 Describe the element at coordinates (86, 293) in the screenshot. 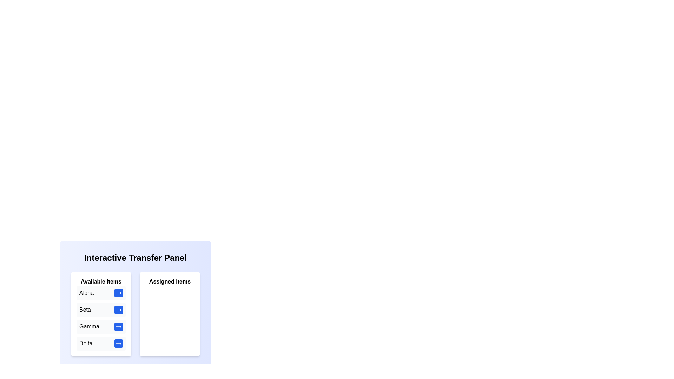

I see `the text label Alpha in the 'Available Items' list` at that location.